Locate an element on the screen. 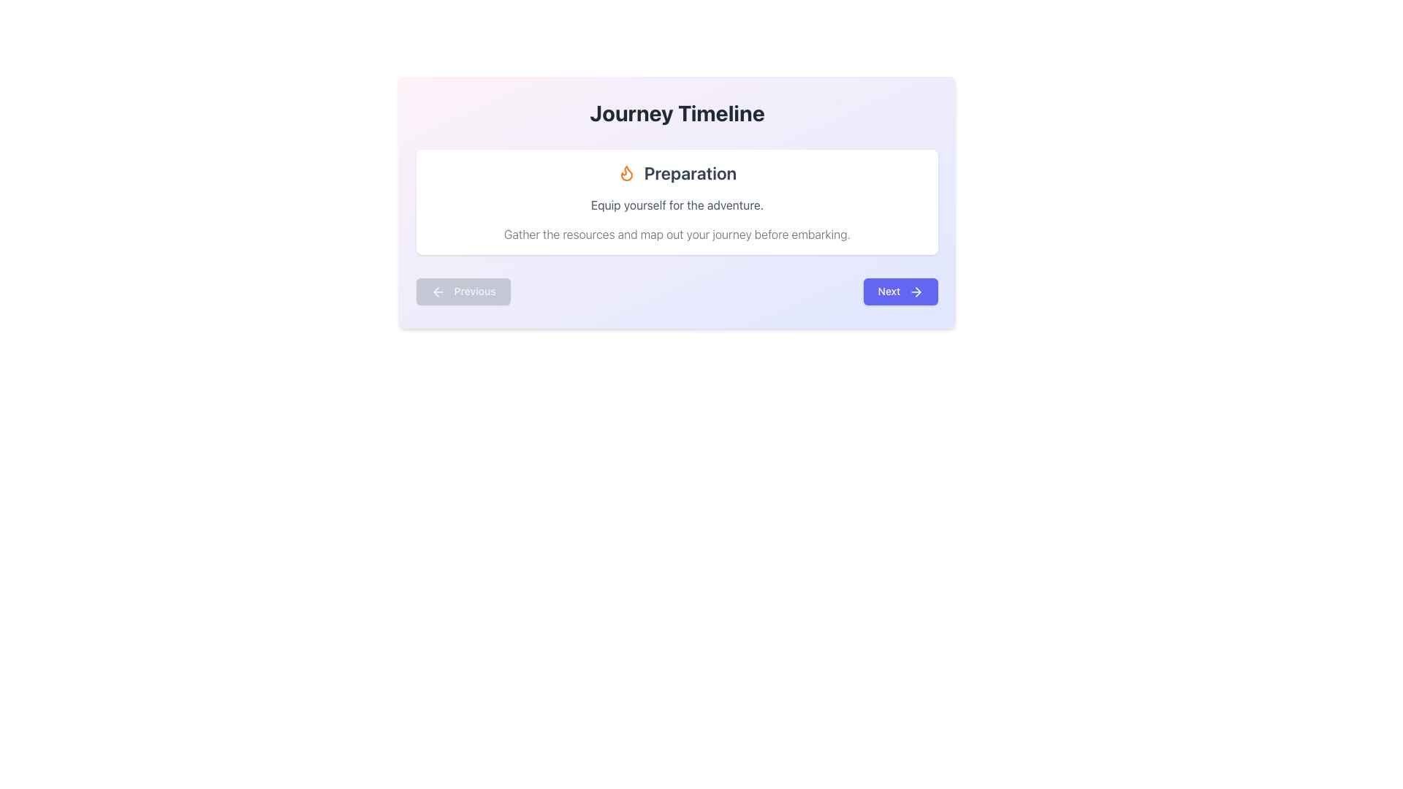 The width and height of the screenshot is (1403, 789). concluding text block that states 'Gather the resources and map out your journey before embarking.' is located at coordinates (676, 233).